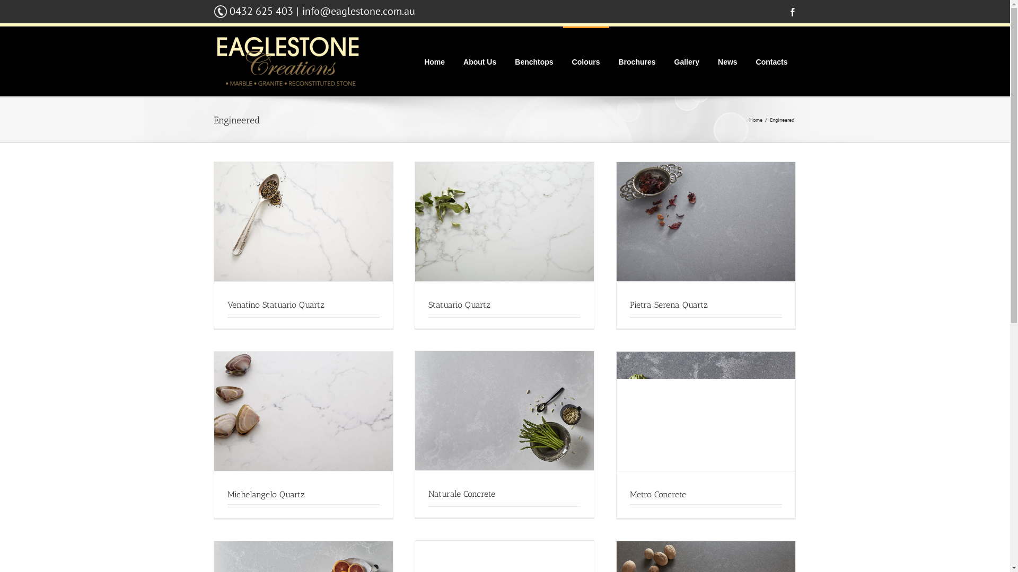 The image size is (1018, 572). What do you see at coordinates (636, 61) in the screenshot?
I see `'Brochures'` at bounding box center [636, 61].